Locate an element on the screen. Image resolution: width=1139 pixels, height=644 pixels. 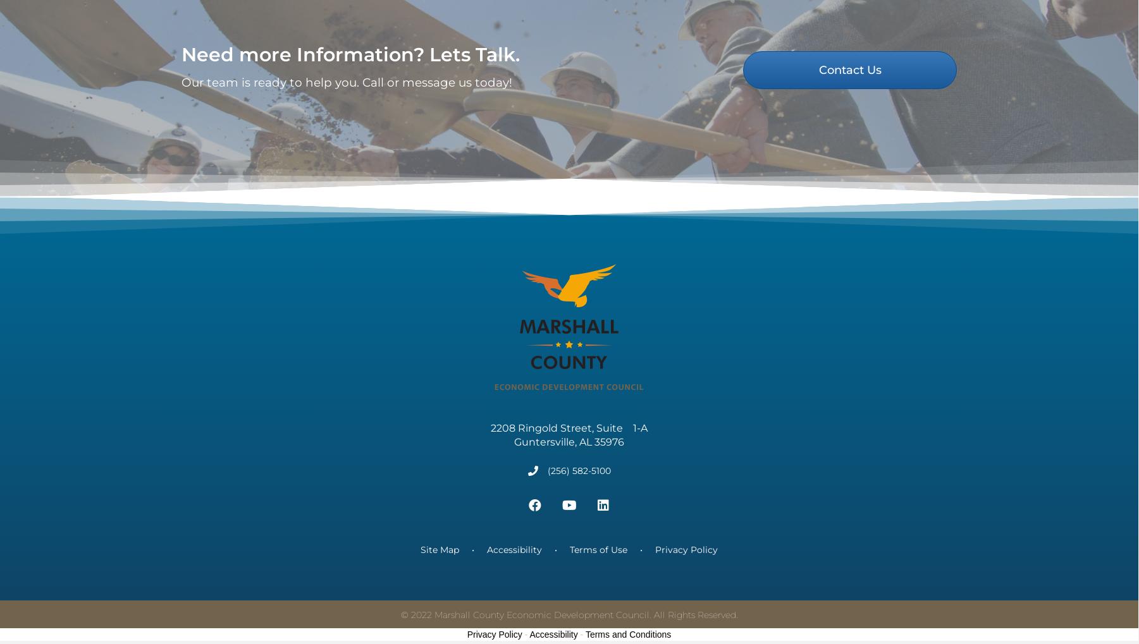
'Accessibility' is located at coordinates (514, 566).